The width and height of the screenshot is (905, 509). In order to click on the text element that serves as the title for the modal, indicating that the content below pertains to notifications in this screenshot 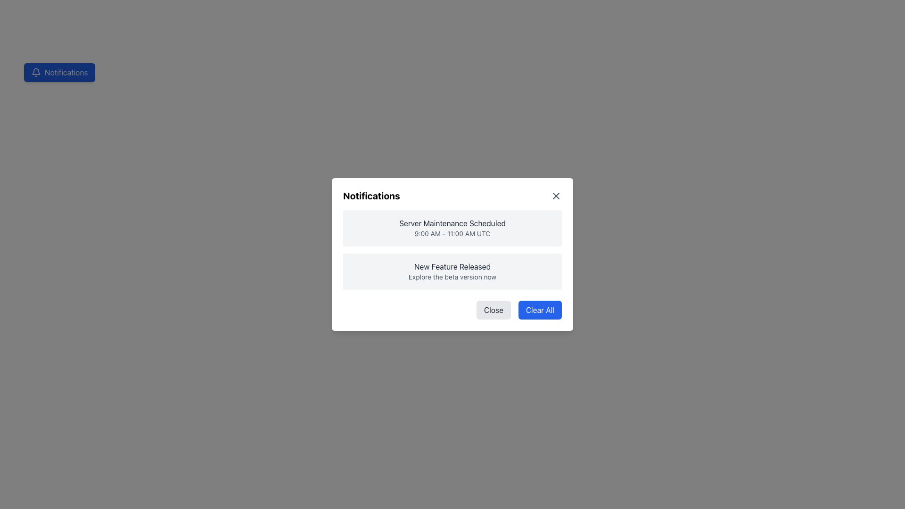, I will do `click(371, 196)`.